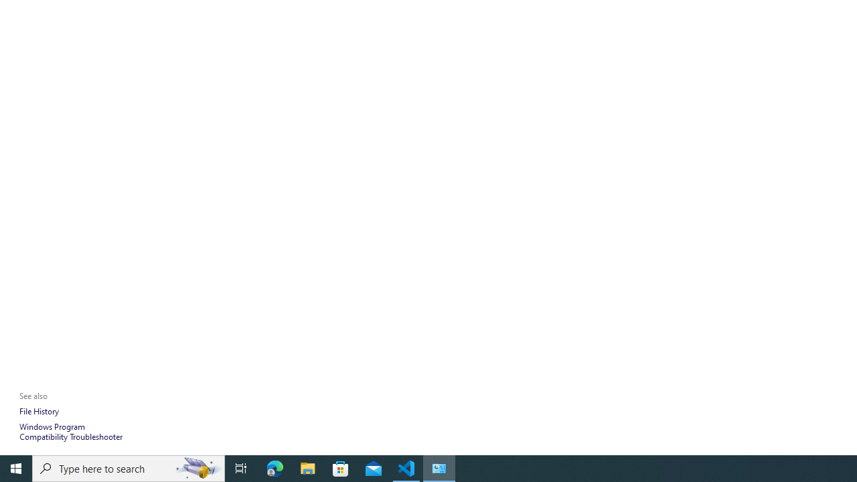 The width and height of the screenshot is (857, 482). Describe the element at coordinates (39, 410) in the screenshot. I see `'File History'` at that location.